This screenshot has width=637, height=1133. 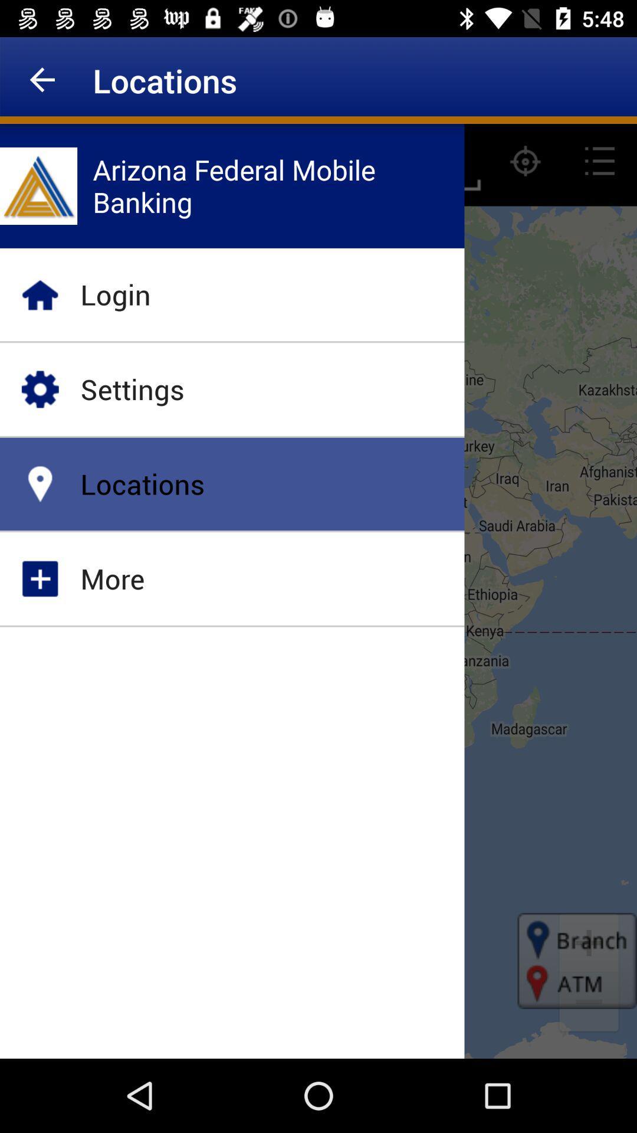 I want to click on the list icon, so click(x=600, y=161).